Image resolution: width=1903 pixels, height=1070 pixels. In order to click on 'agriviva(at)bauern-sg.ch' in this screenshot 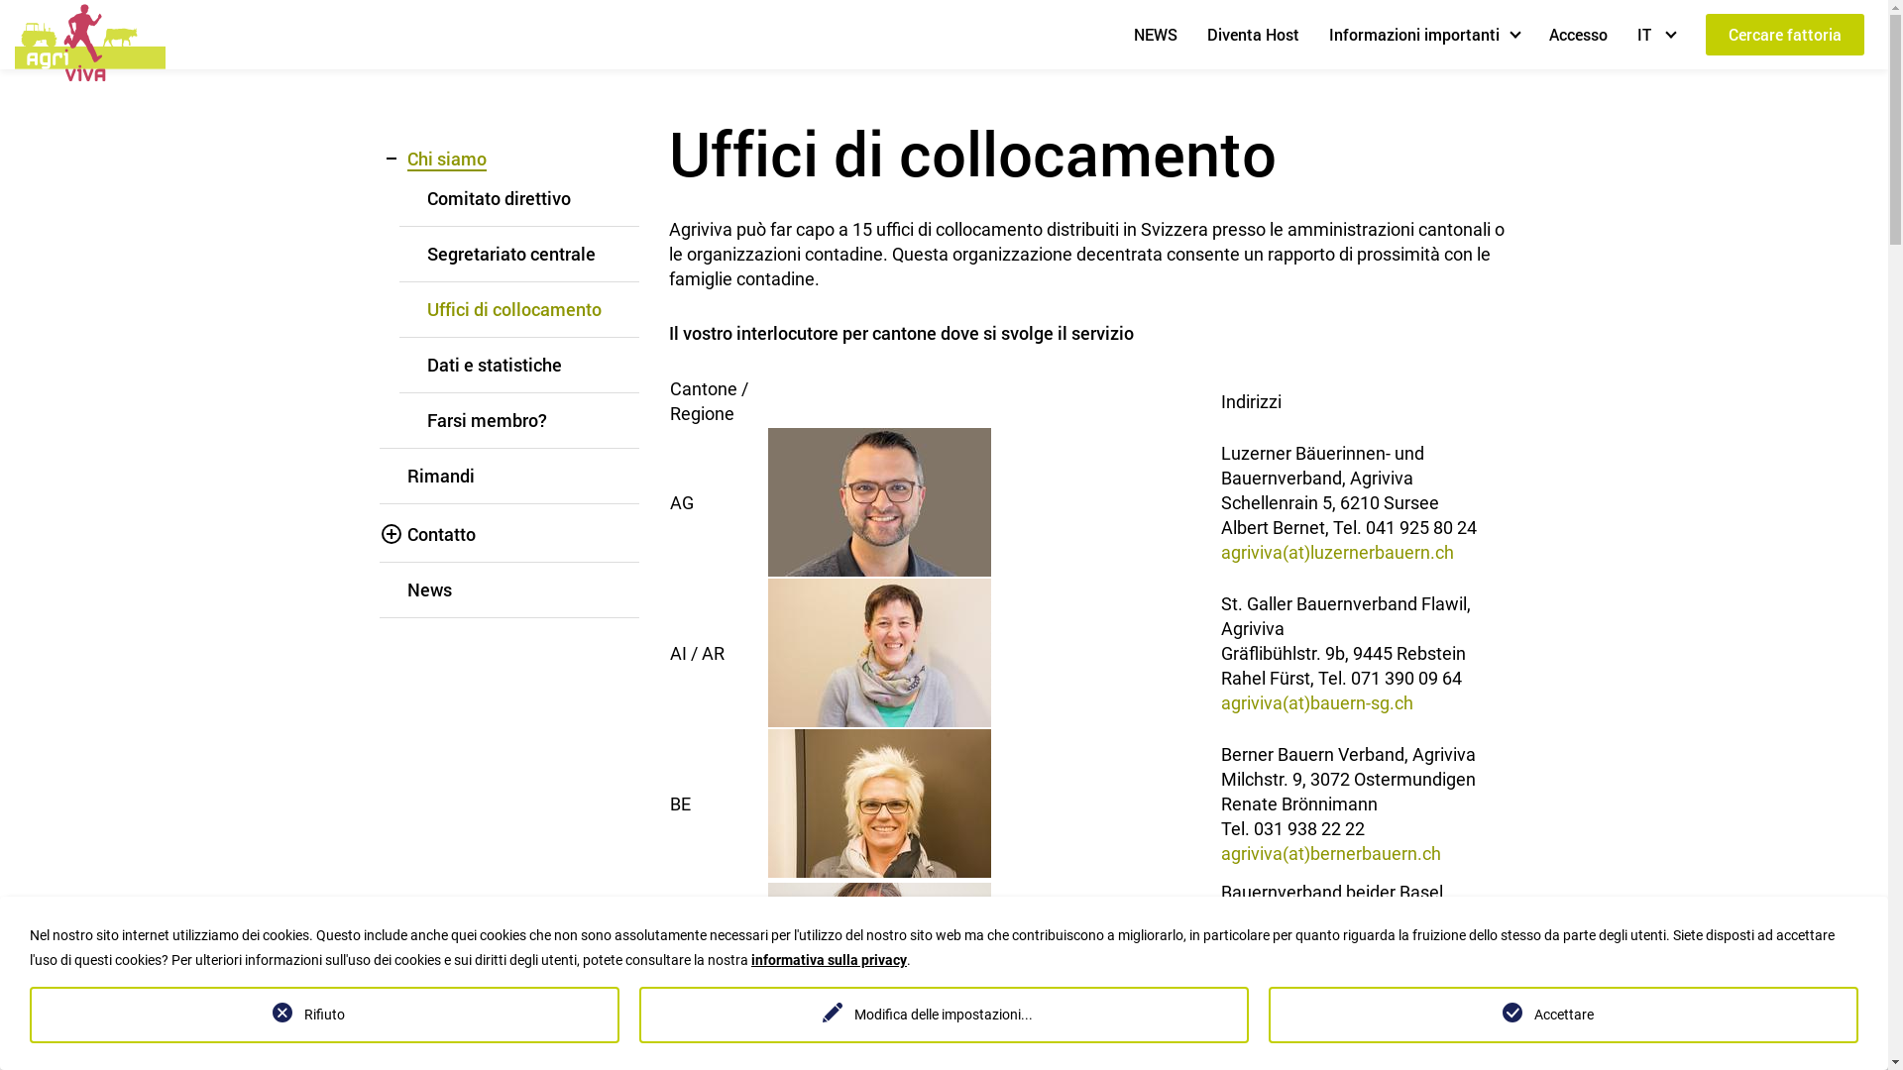, I will do `click(1317, 700)`.